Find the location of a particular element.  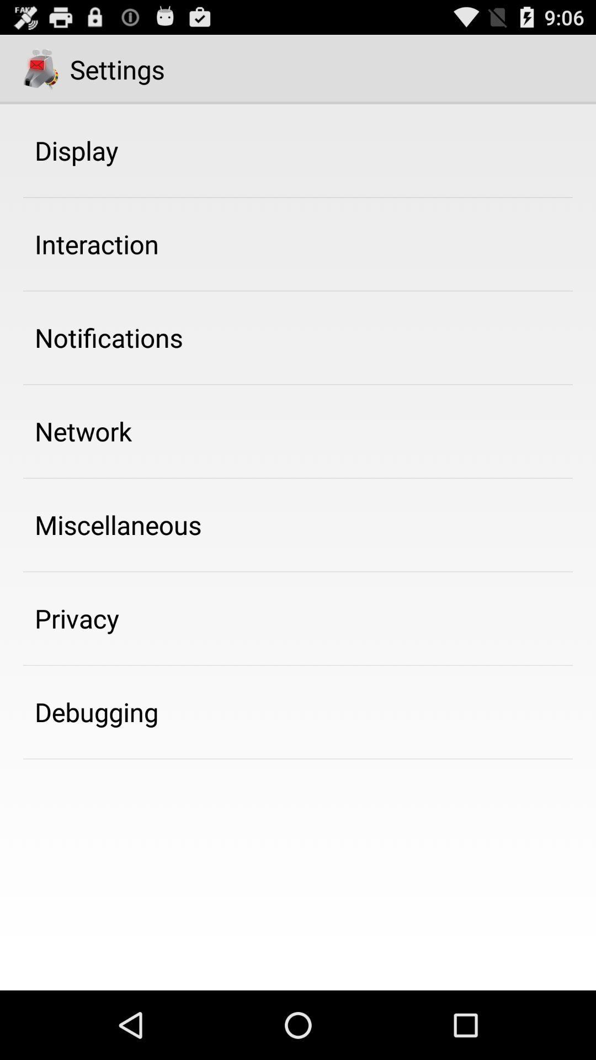

app below the network is located at coordinates (118, 524).